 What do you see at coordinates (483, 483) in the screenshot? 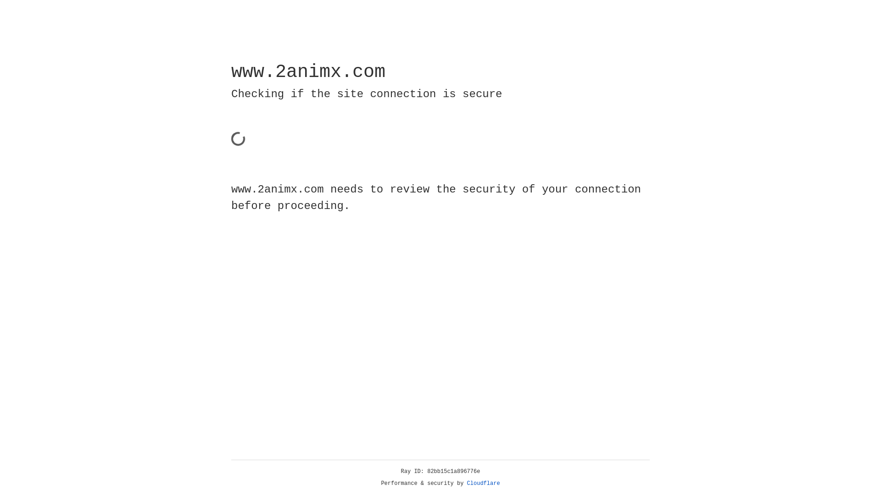
I see `'Cloudflare'` at bounding box center [483, 483].